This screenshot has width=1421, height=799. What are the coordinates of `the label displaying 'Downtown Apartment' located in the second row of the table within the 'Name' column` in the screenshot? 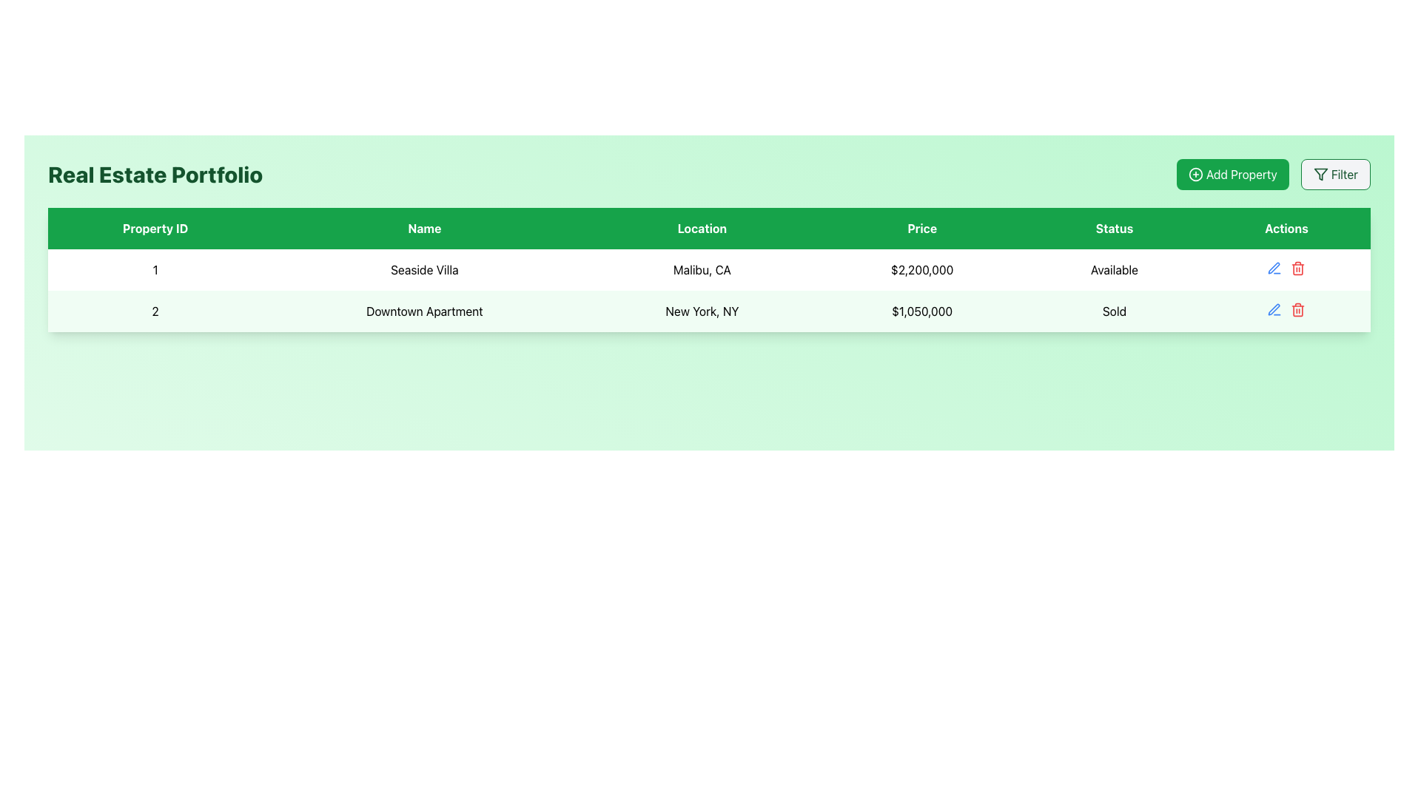 It's located at (423, 310).